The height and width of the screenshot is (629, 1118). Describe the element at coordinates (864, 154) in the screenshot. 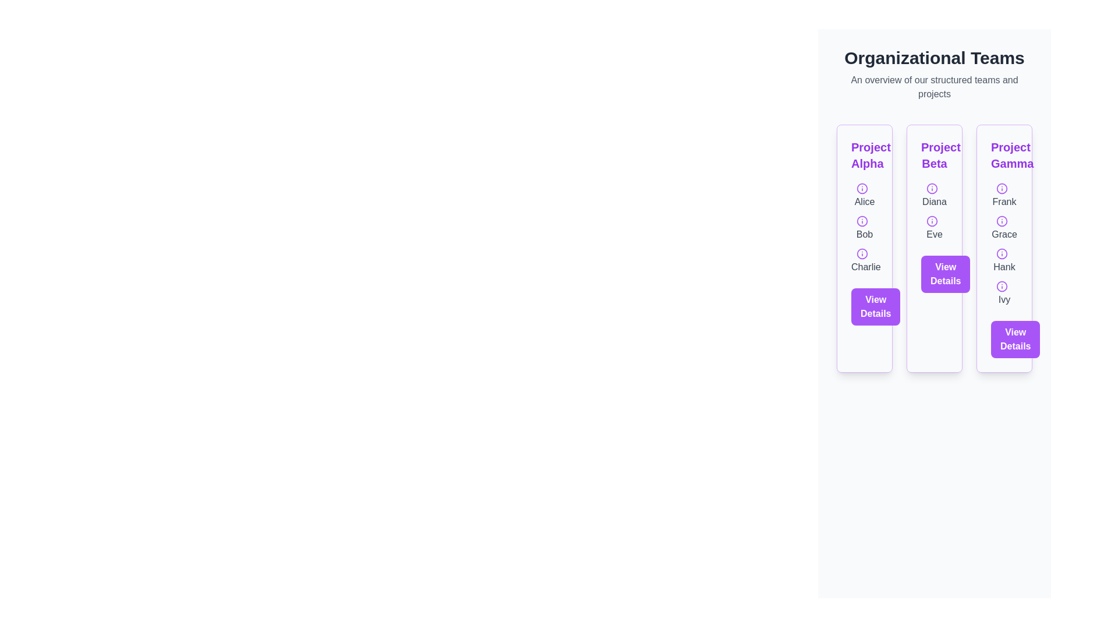

I see `the text label displaying 'Project Alpha' at the top of the leftmost column containing project names` at that location.